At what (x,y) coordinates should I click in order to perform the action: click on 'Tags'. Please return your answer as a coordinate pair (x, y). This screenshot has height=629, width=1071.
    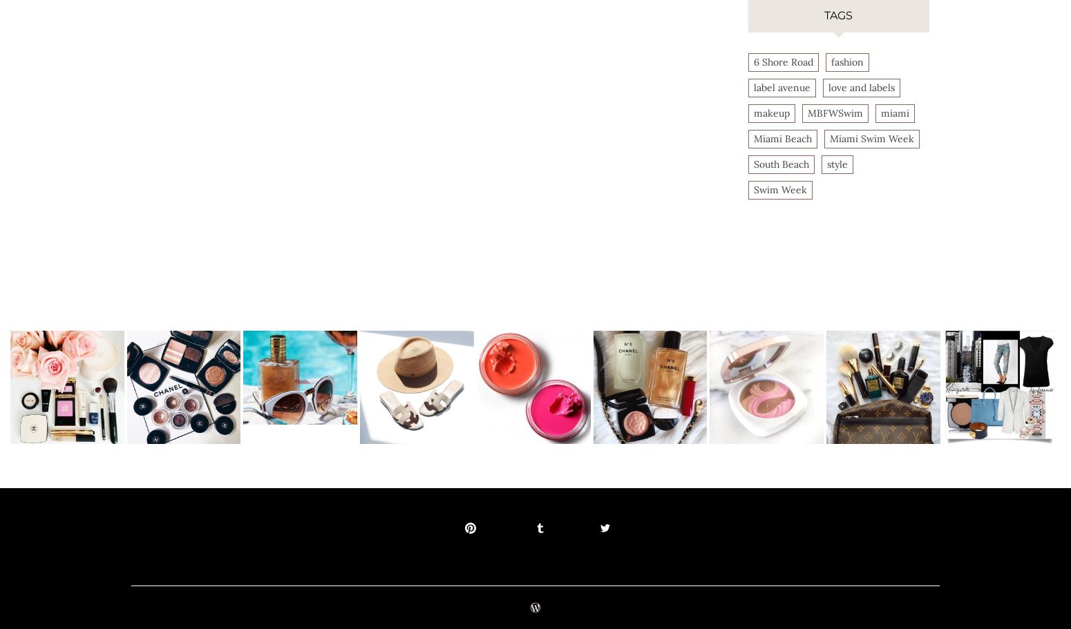
    Looking at the image, I should click on (838, 14).